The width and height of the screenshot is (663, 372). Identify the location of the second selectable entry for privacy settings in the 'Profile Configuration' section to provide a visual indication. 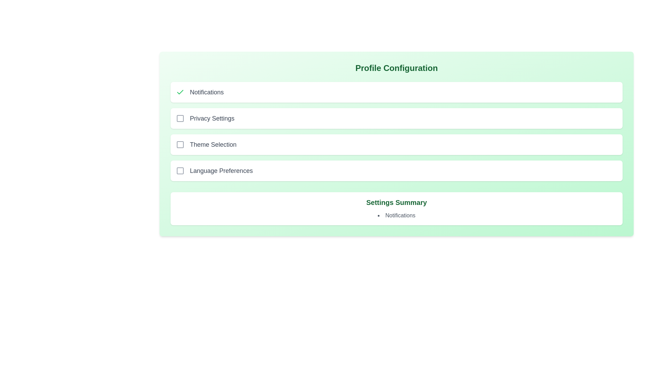
(396, 118).